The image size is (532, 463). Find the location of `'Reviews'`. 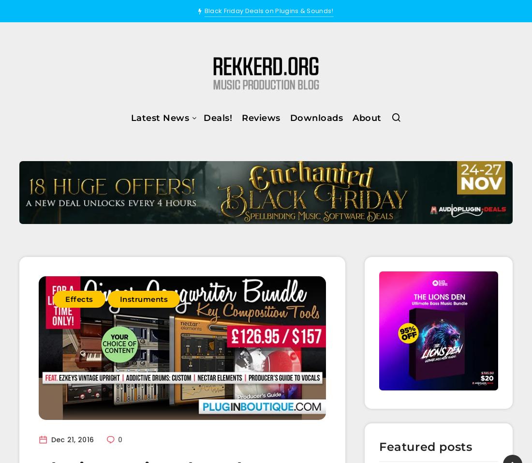

'Reviews' is located at coordinates (241, 117).